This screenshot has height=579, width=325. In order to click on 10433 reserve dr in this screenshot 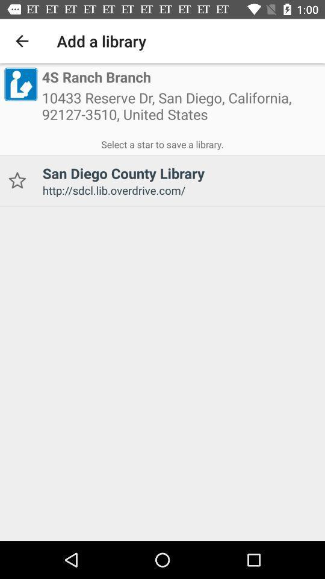, I will do `click(181, 110)`.